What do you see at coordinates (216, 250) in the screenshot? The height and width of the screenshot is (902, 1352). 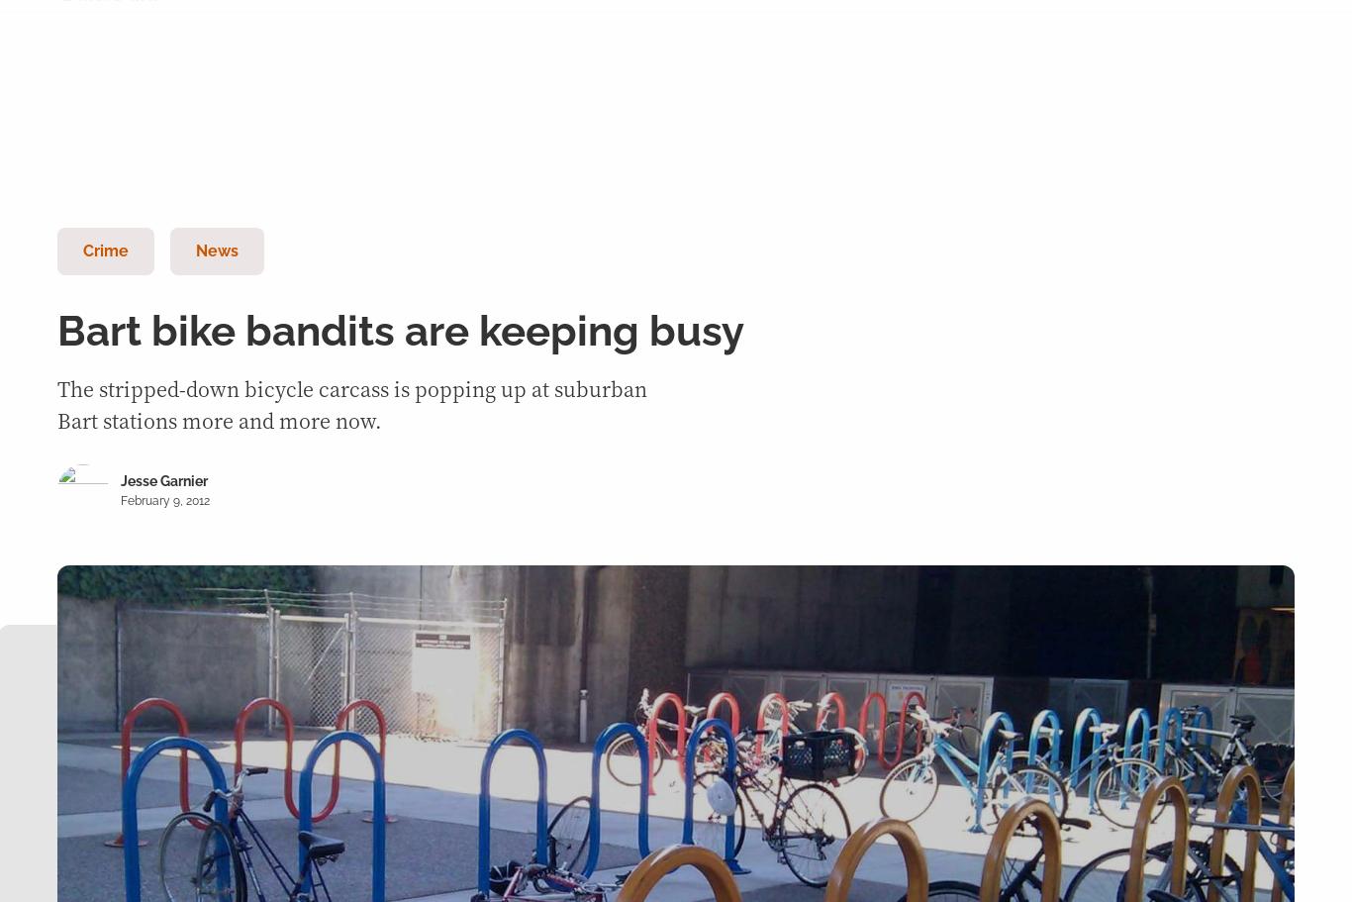 I see `'News'` at bounding box center [216, 250].